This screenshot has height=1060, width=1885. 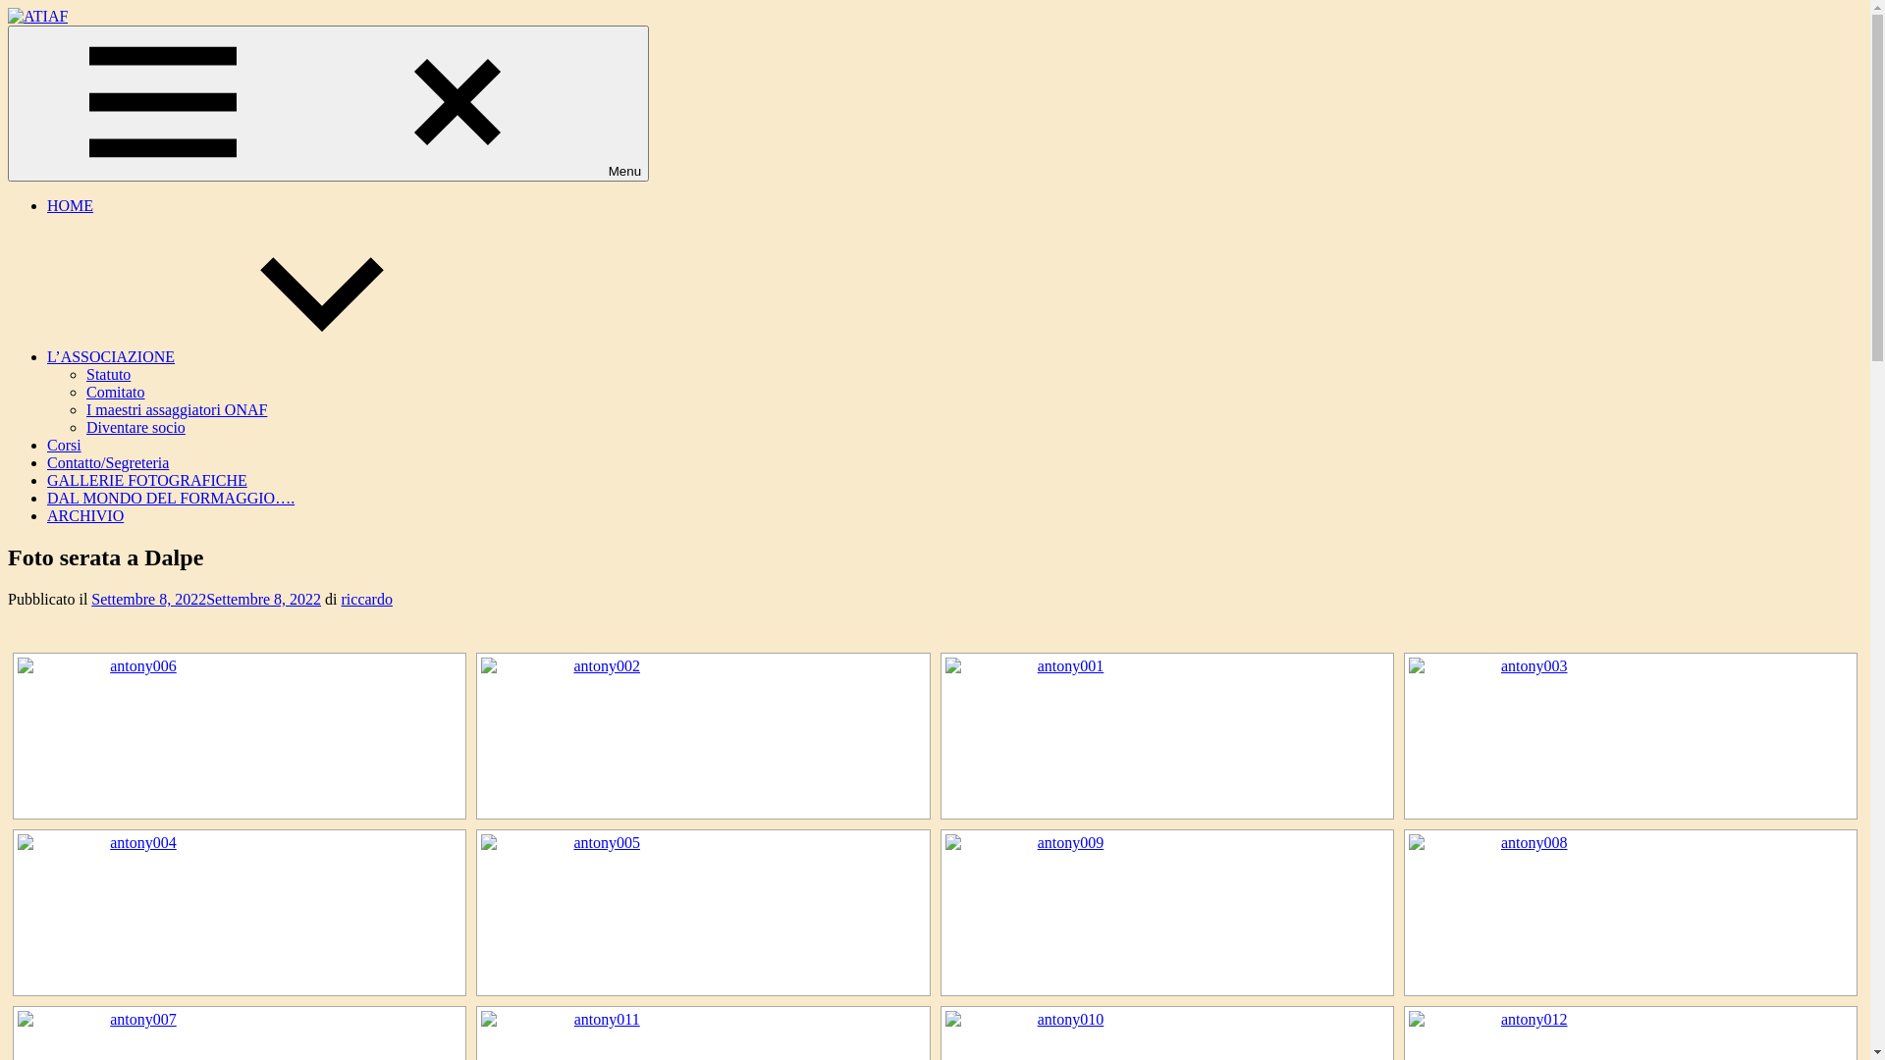 I want to click on 'Diventare socio', so click(x=135, y=426).